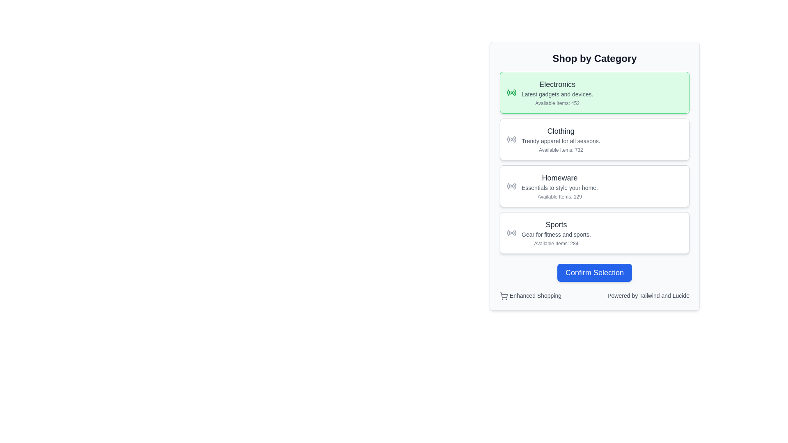  Describe the element at coordinates (559, 178) in the screenshot. I see `the 'Homeware' text element, which is styled in a larger bold font and is located in the third category card under 'Shop by Category.'` at that location.